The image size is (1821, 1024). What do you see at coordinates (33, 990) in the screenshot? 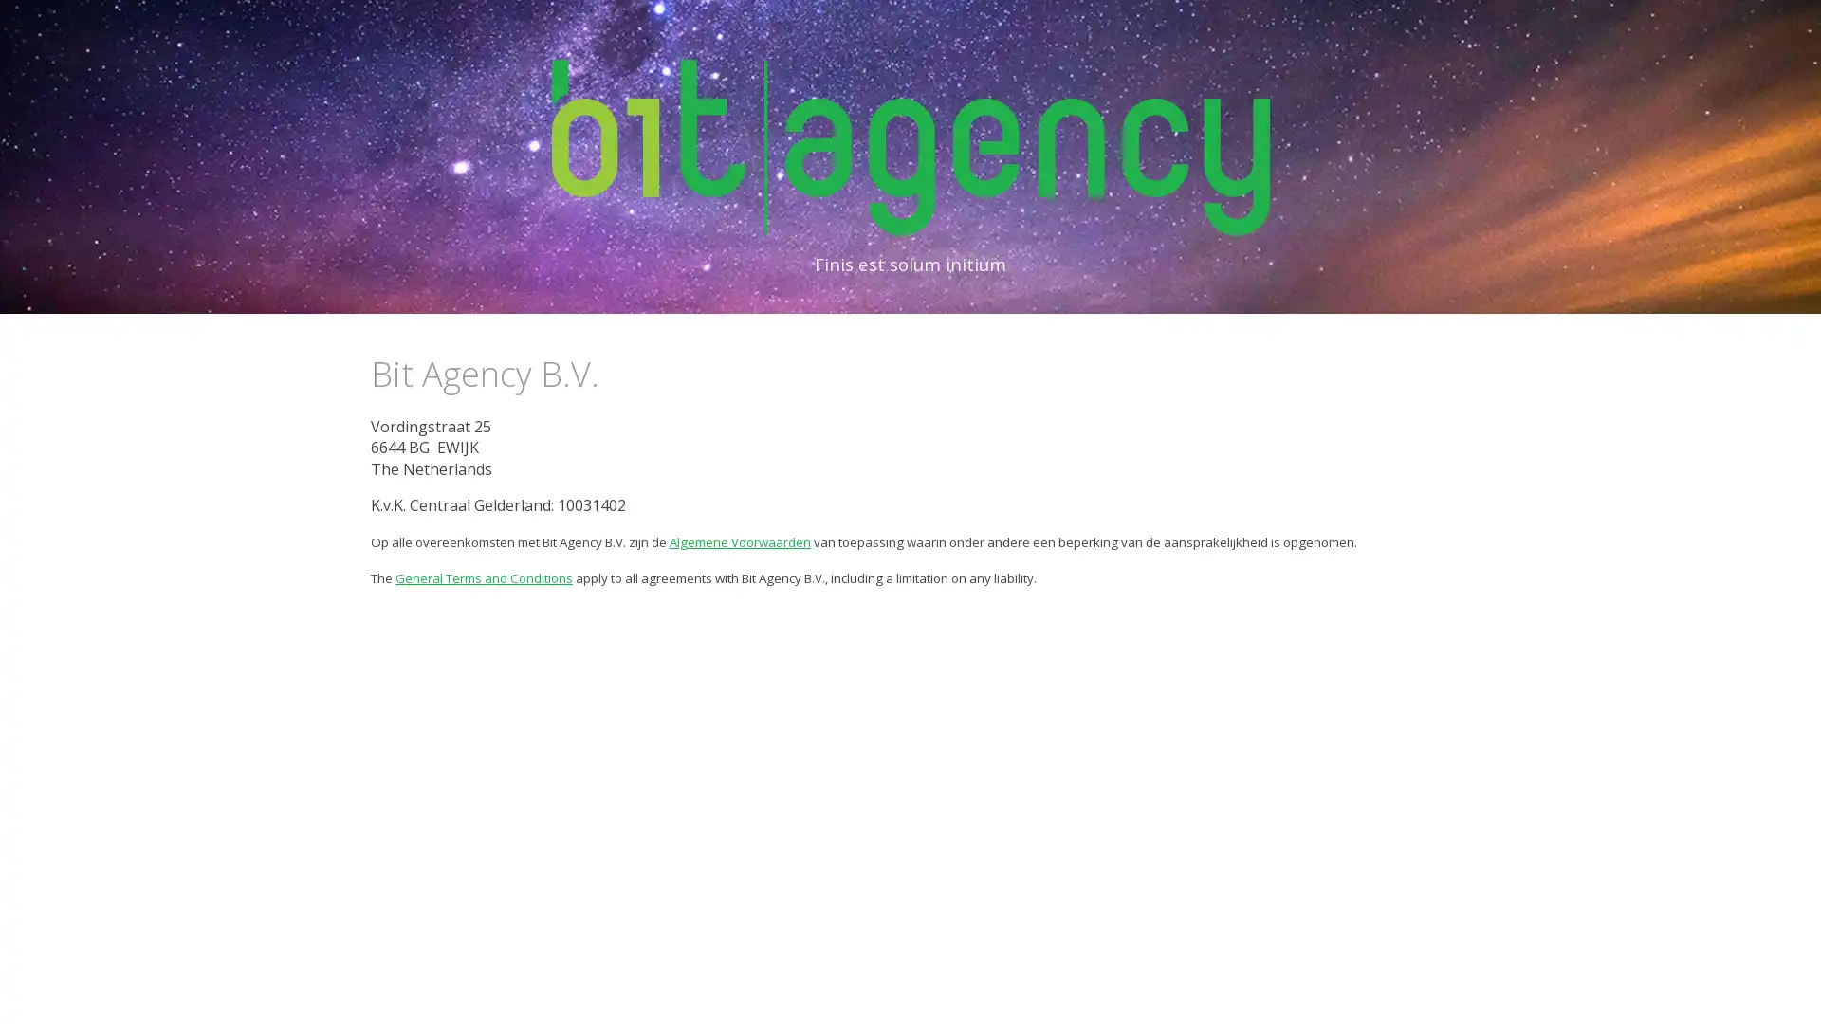
I see `Site actions` at bounding box center [33, 990].